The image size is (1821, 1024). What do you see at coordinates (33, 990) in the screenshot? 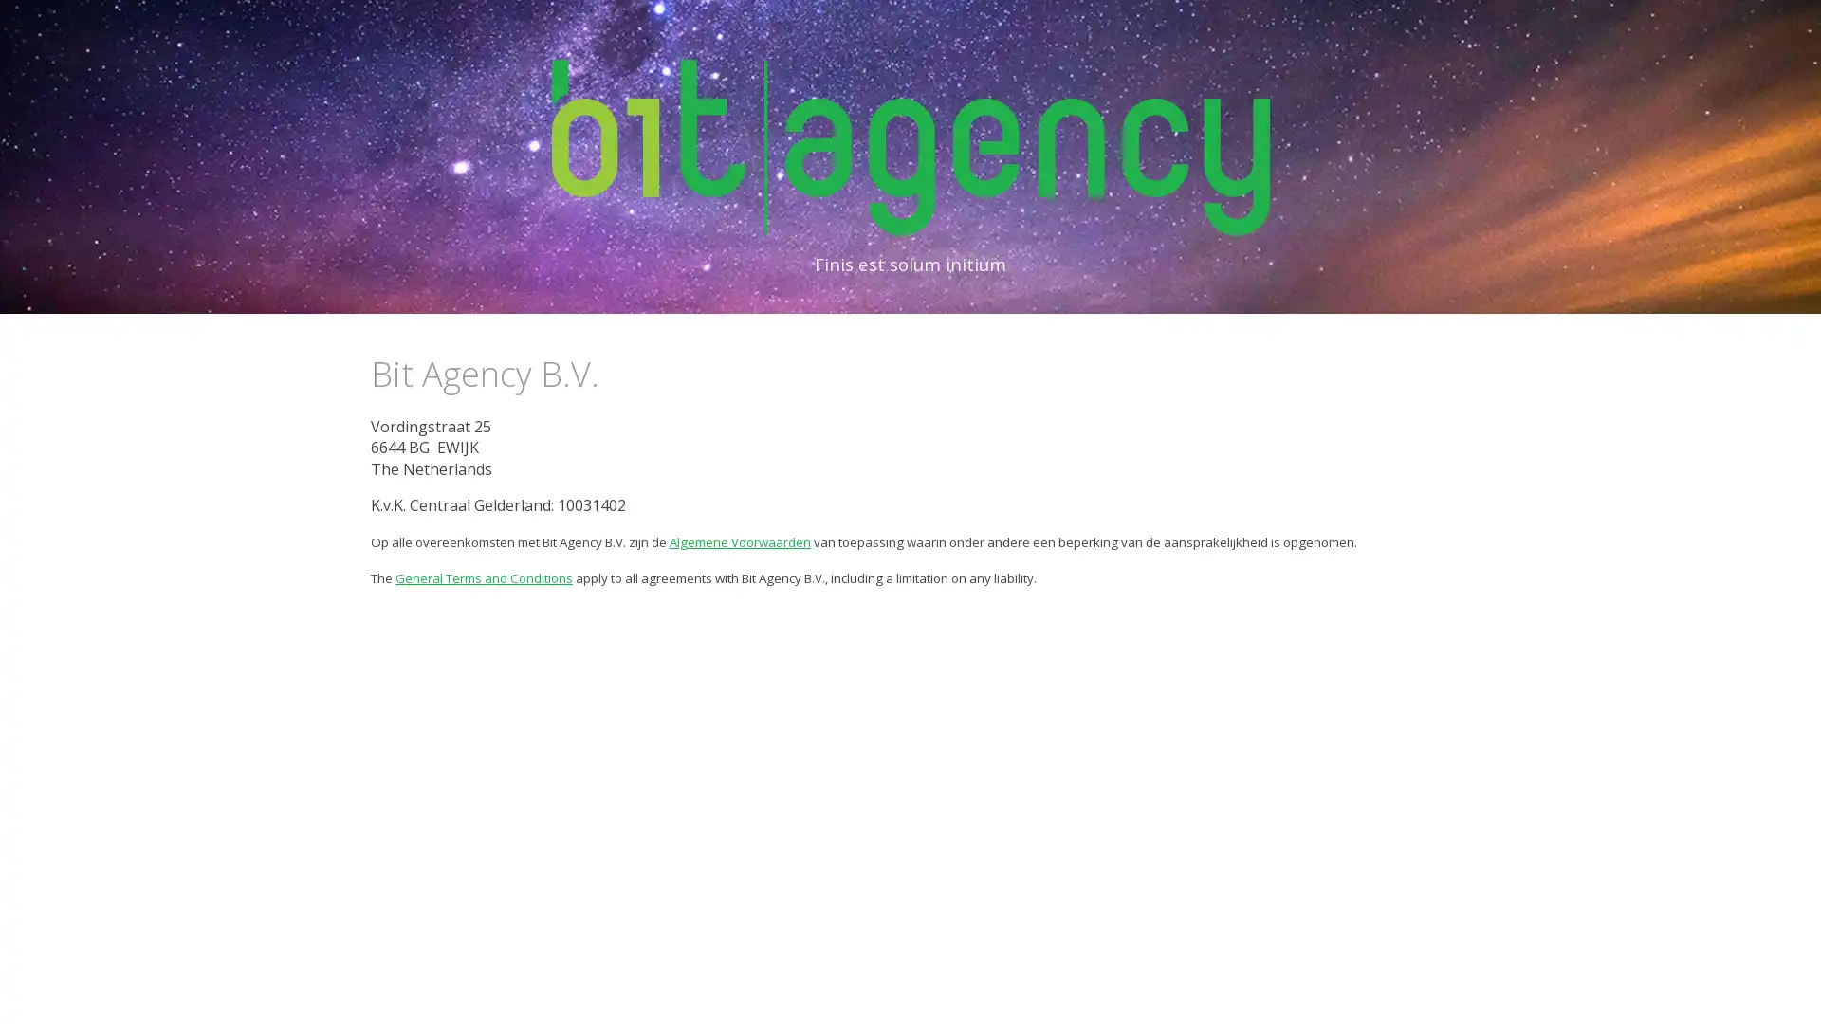
I see `Site actions` at bounding box center [33, 990].